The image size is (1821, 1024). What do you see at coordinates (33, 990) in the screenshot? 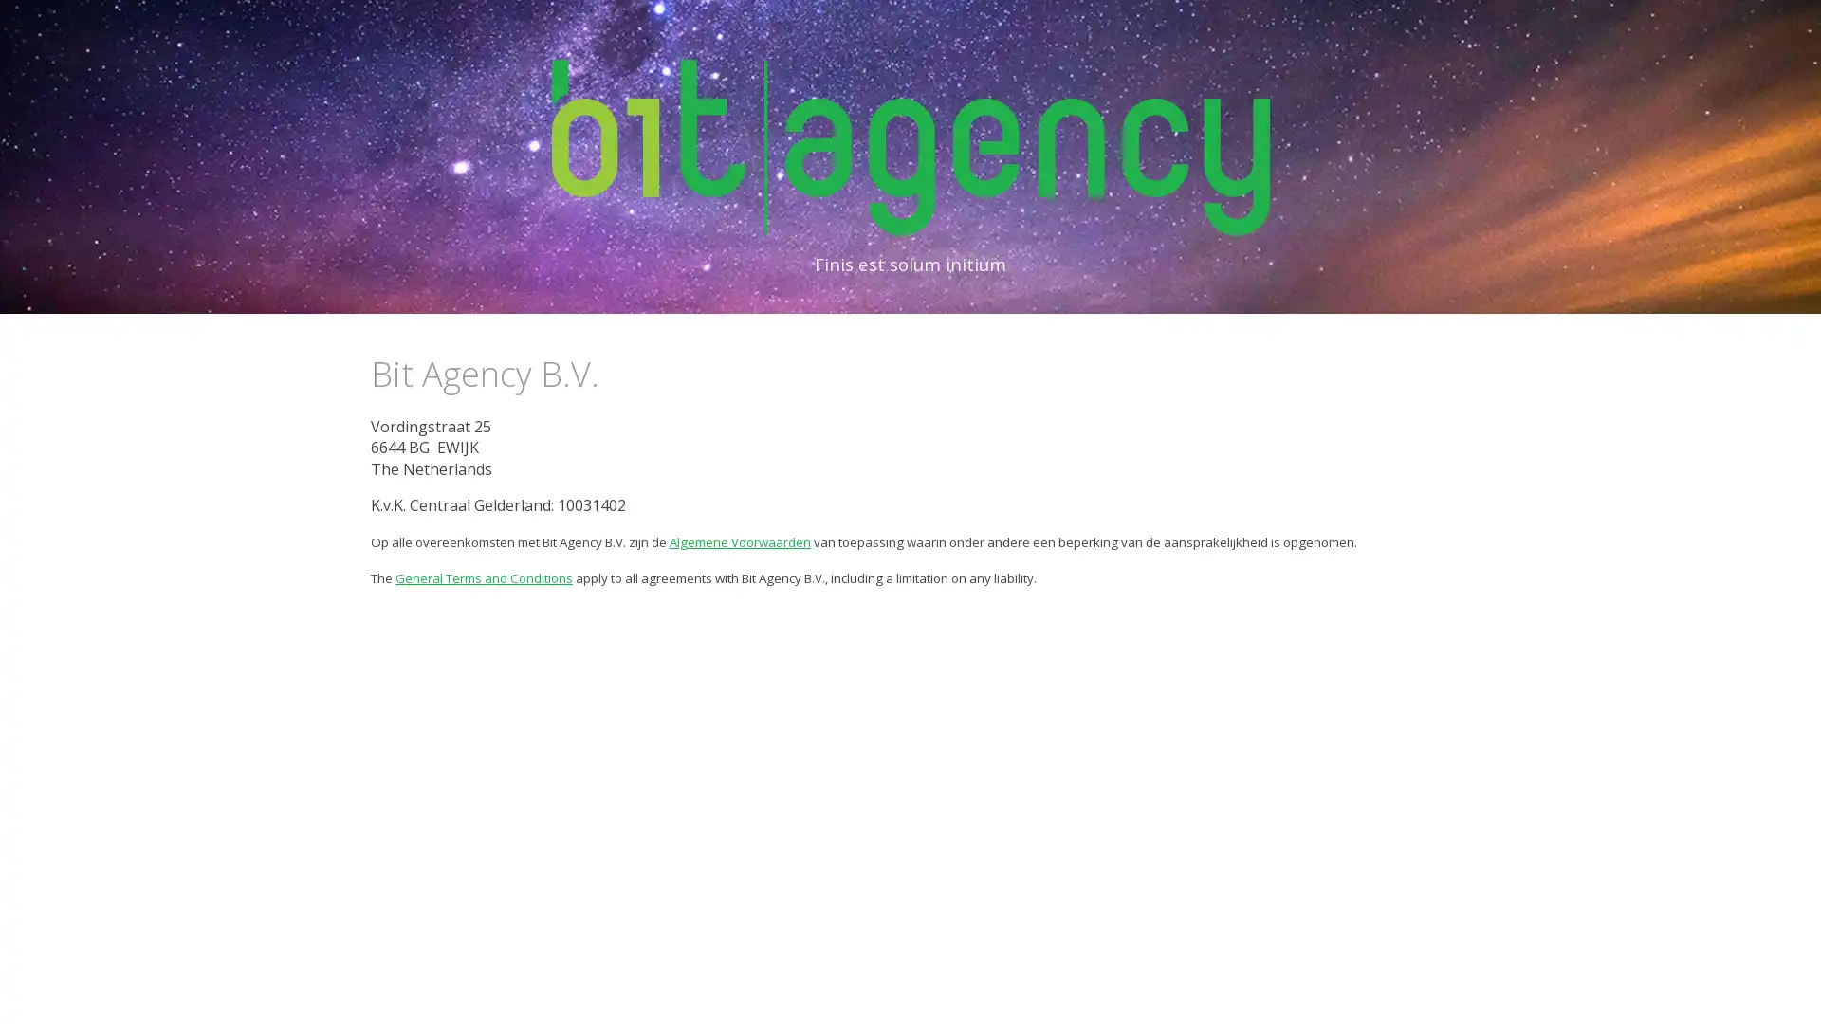
I see `Site actions` at bounding box center [33, 990].